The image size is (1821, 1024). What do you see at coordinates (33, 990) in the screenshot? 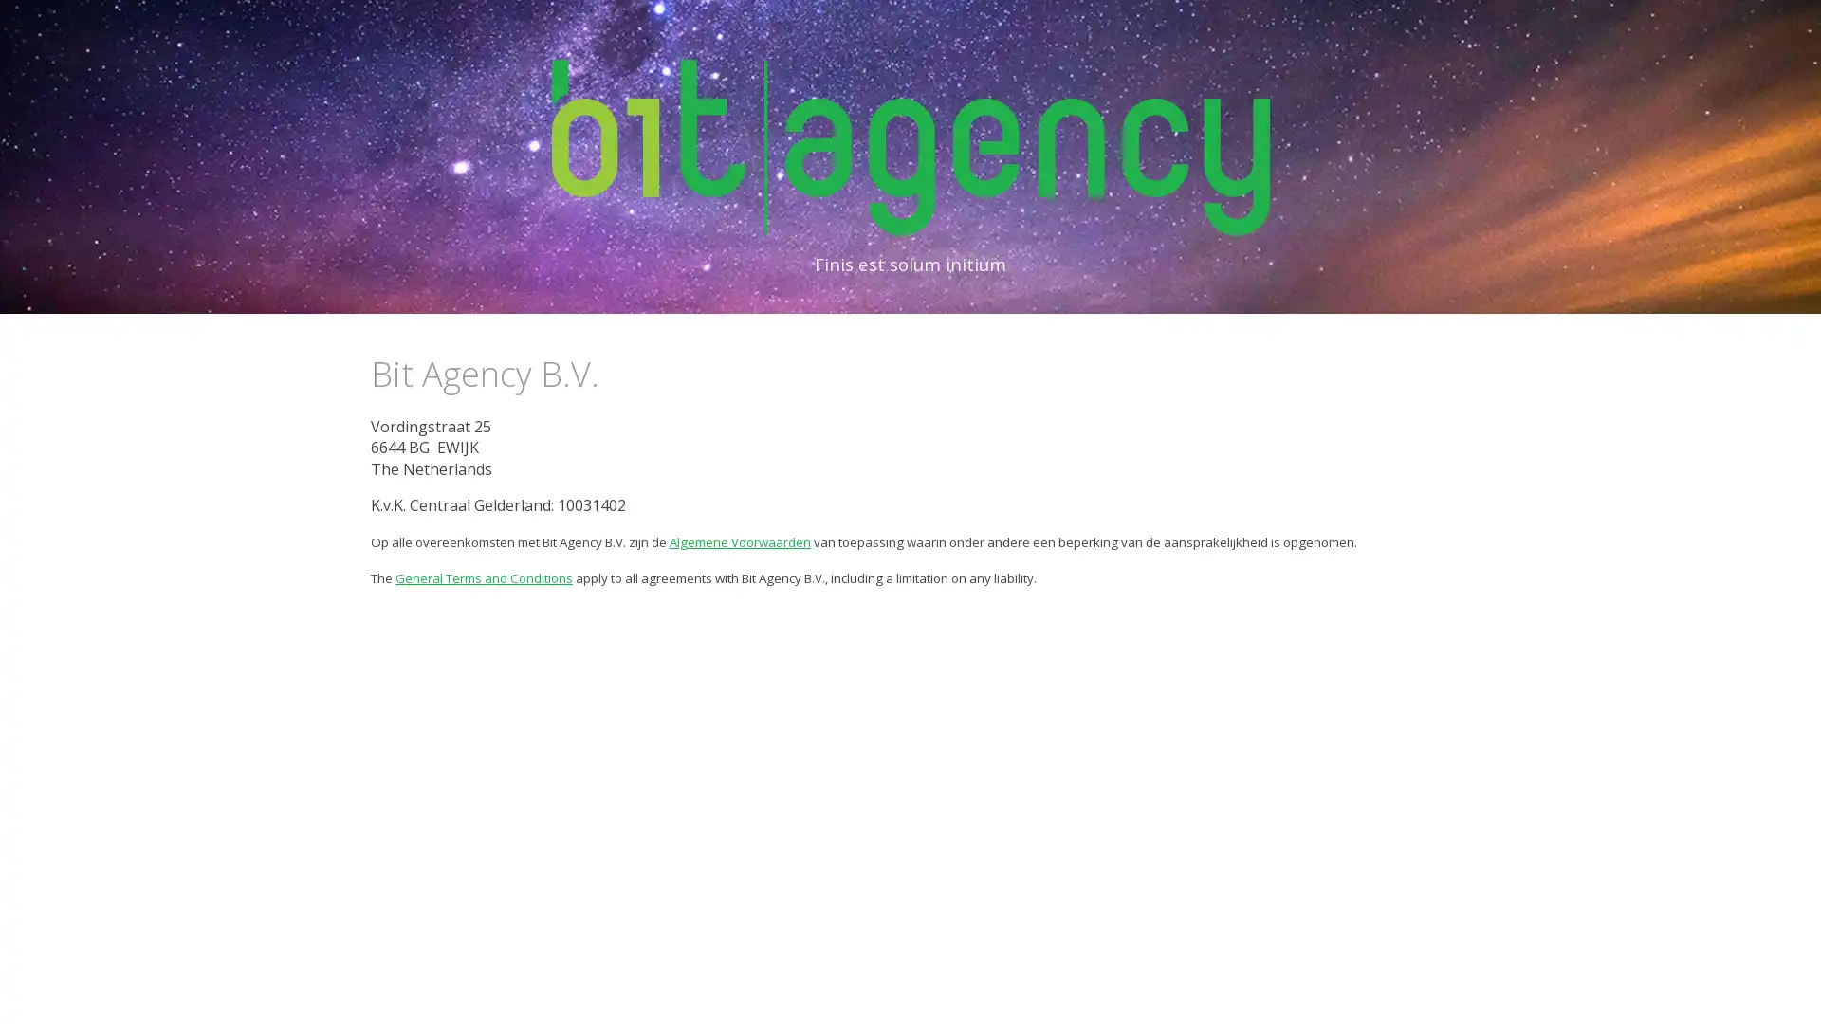
I see `Site actions` at bounding box center [33, 990].